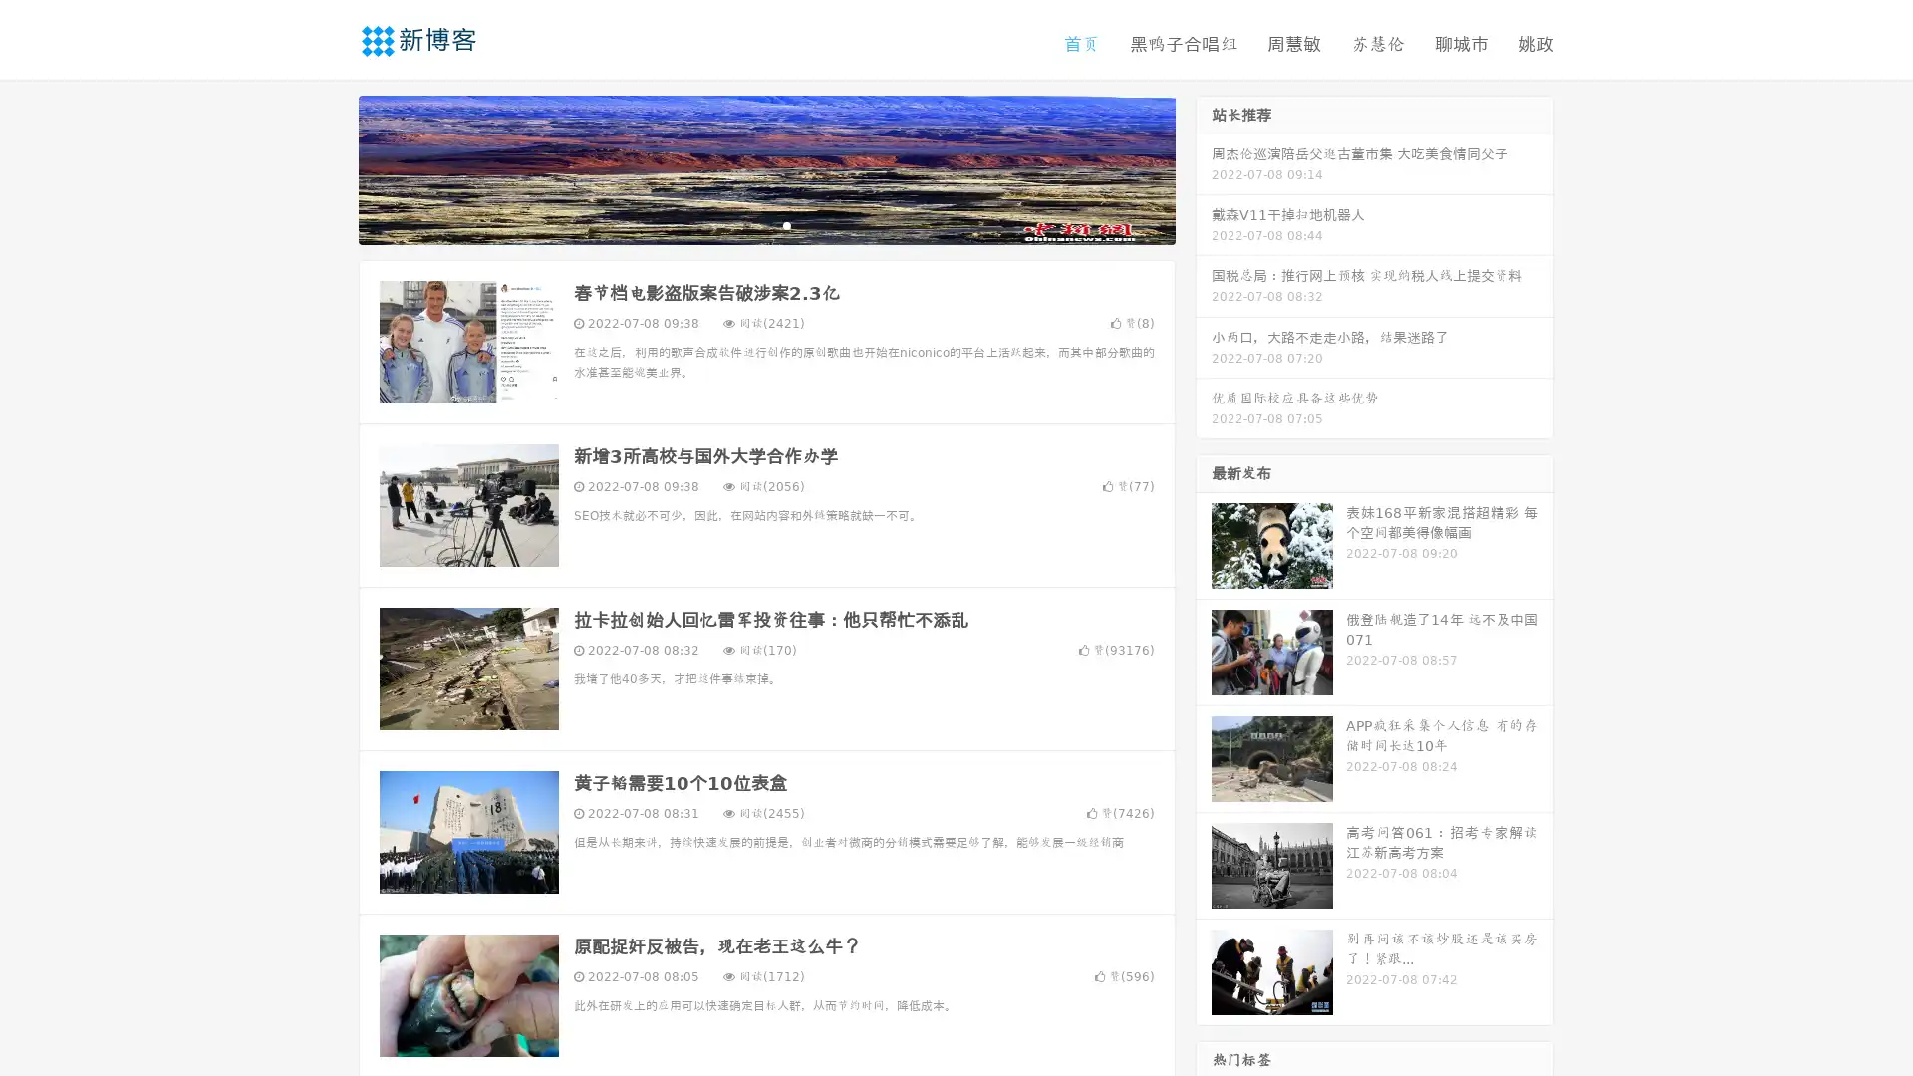 This screenshot has height=1076, width=1913. I want to click on Go to slide 2, so click(765, 224).